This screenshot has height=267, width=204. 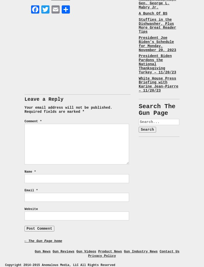 What do you see at coordinates (53, 111) in the screenshot?
I see `'Required fields are marked'` at bounding box center [53, 111].